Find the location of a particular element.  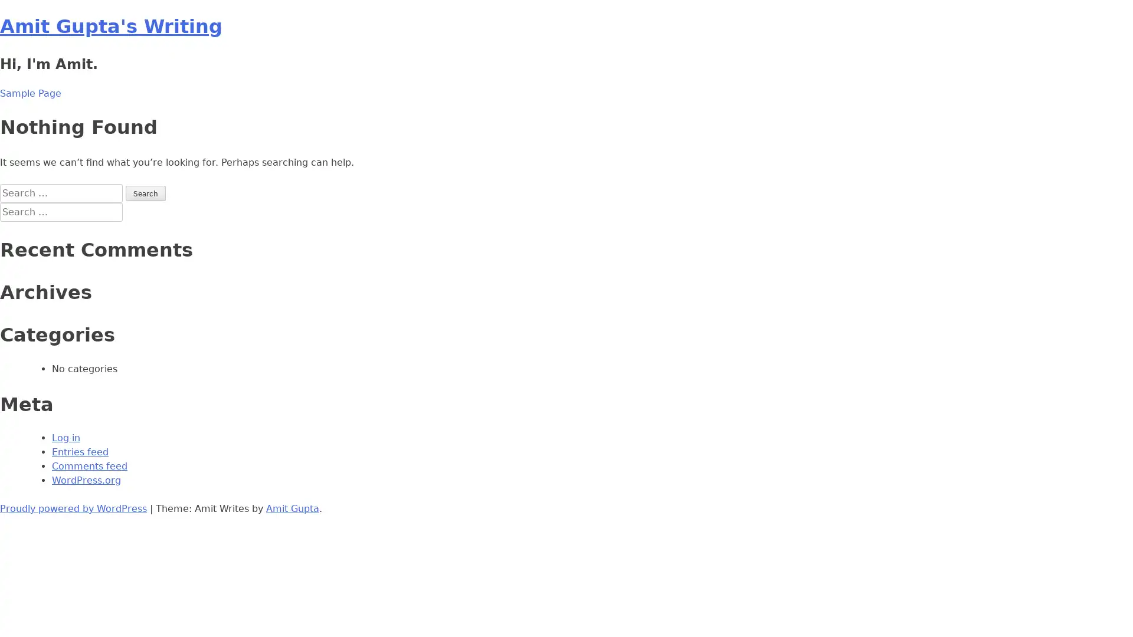

Search is located at coordinates (145, 192).